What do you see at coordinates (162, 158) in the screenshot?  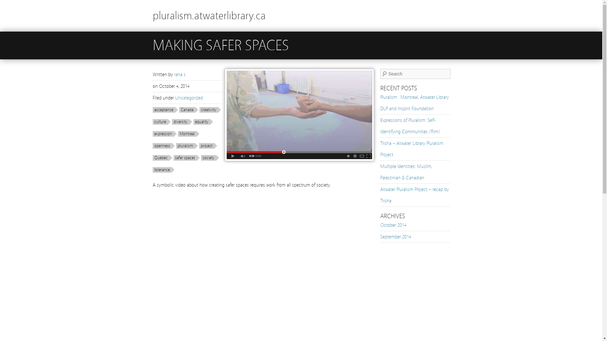 I see `'Quebec'` at bounding box center [162, 158].